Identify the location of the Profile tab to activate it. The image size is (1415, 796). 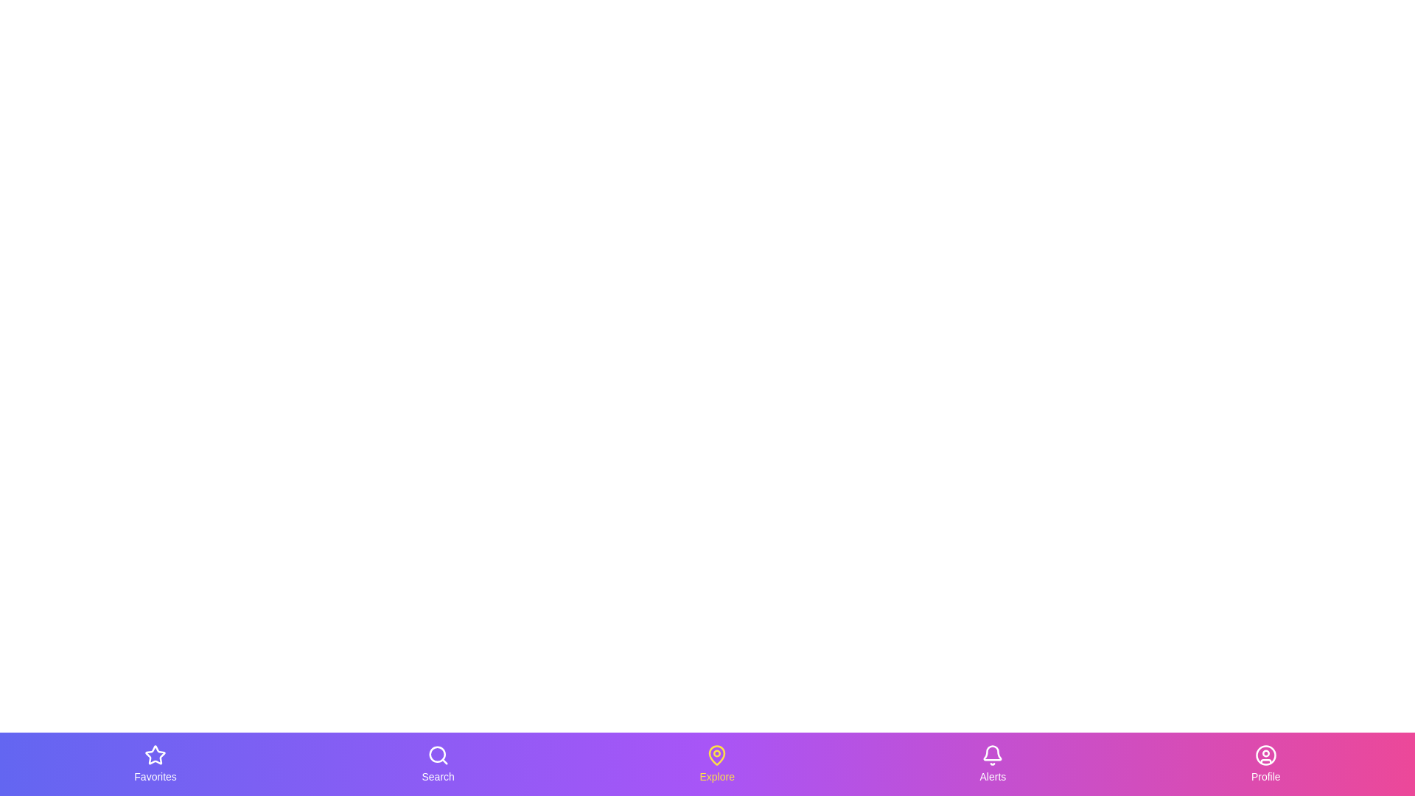
(1265, 764).